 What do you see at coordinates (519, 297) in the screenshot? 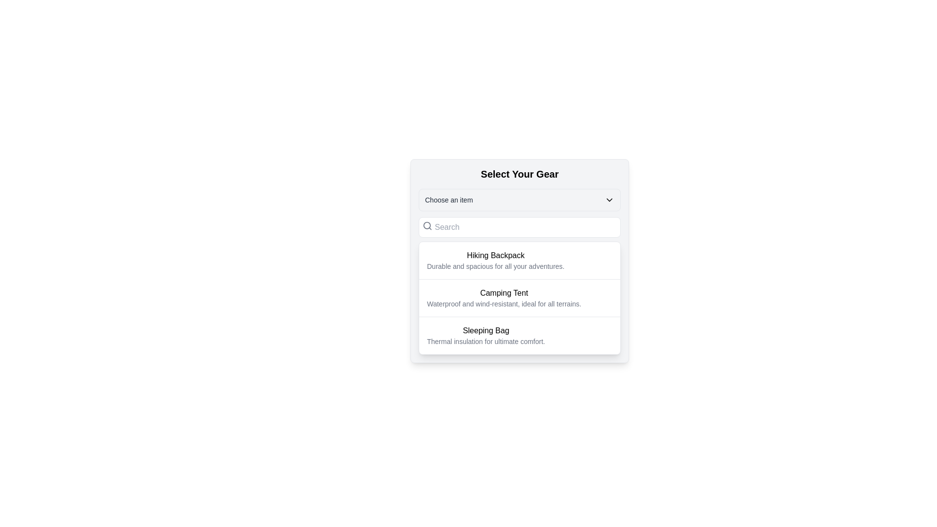
I see `the description of the text component titled 'Camping Tent' with a subtitle about its features, located within a selectable card` at bounding box center [519, 297].